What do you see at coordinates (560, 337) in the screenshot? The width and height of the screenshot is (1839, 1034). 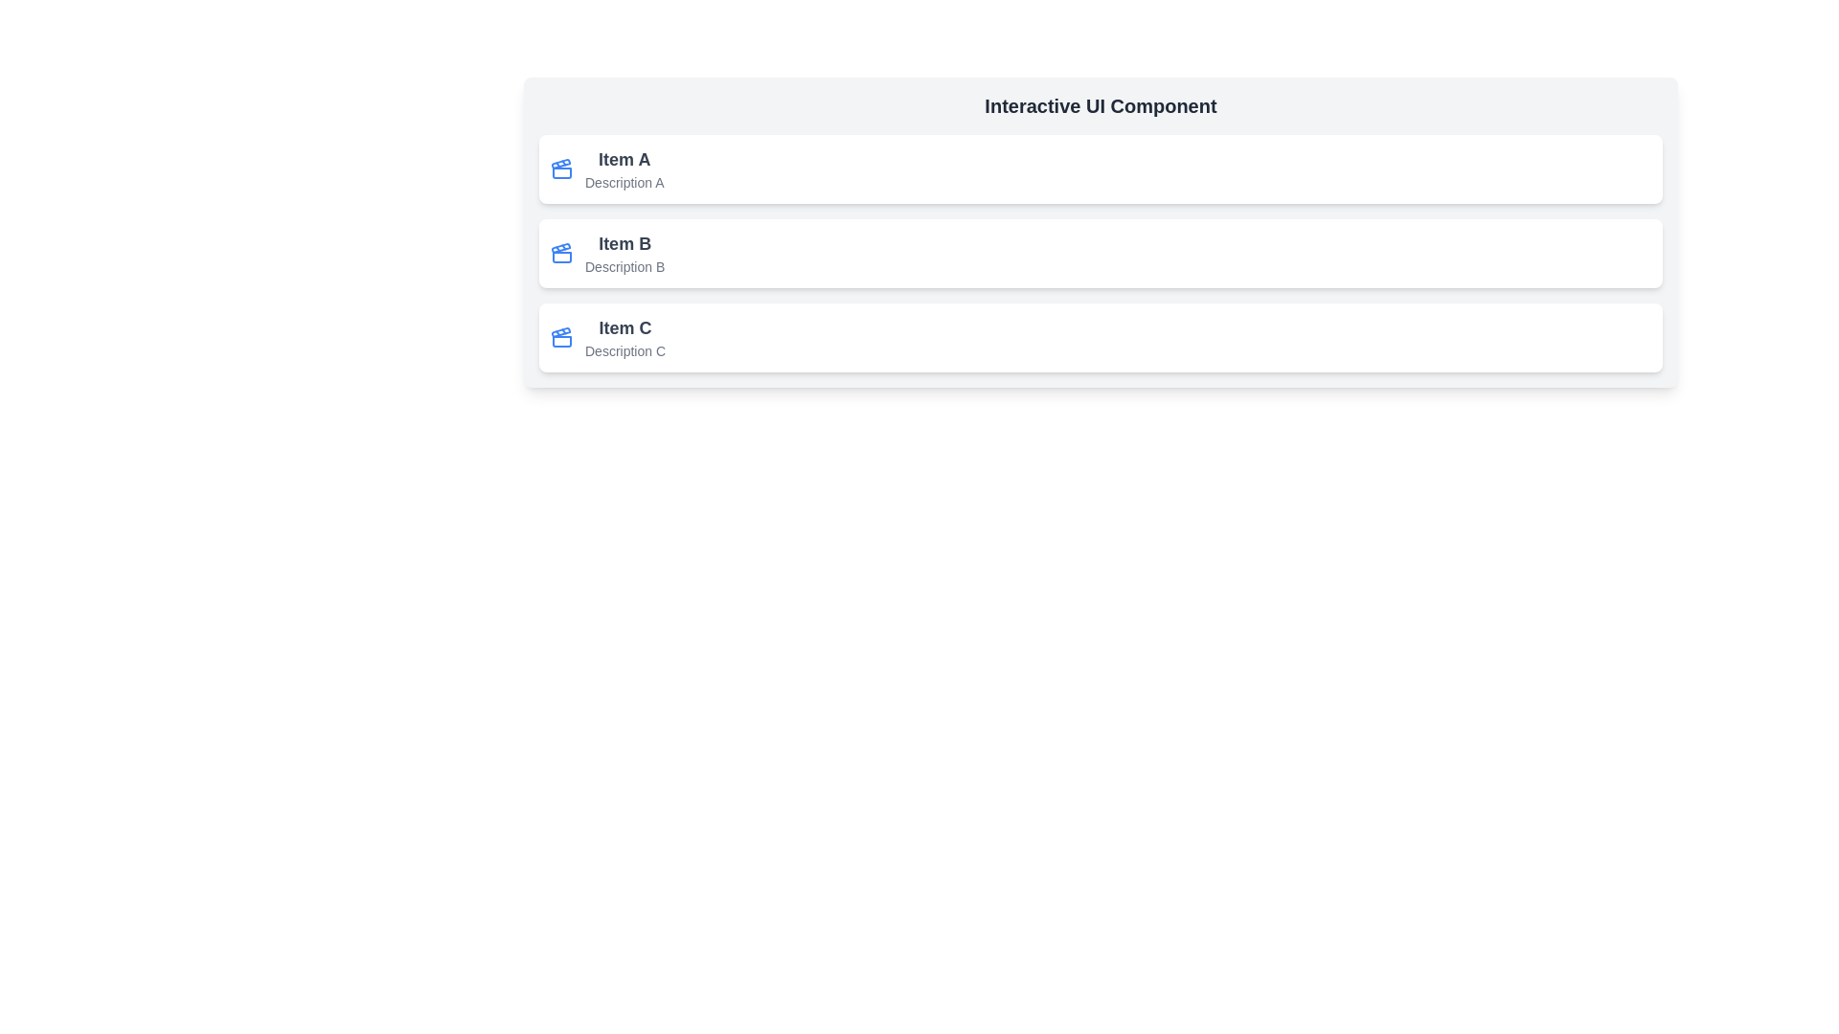 I see `the clapperboard icon located to the left of the text 'Item C' in the row titled 'Item C Description C'` at bounding box center [560, 337].